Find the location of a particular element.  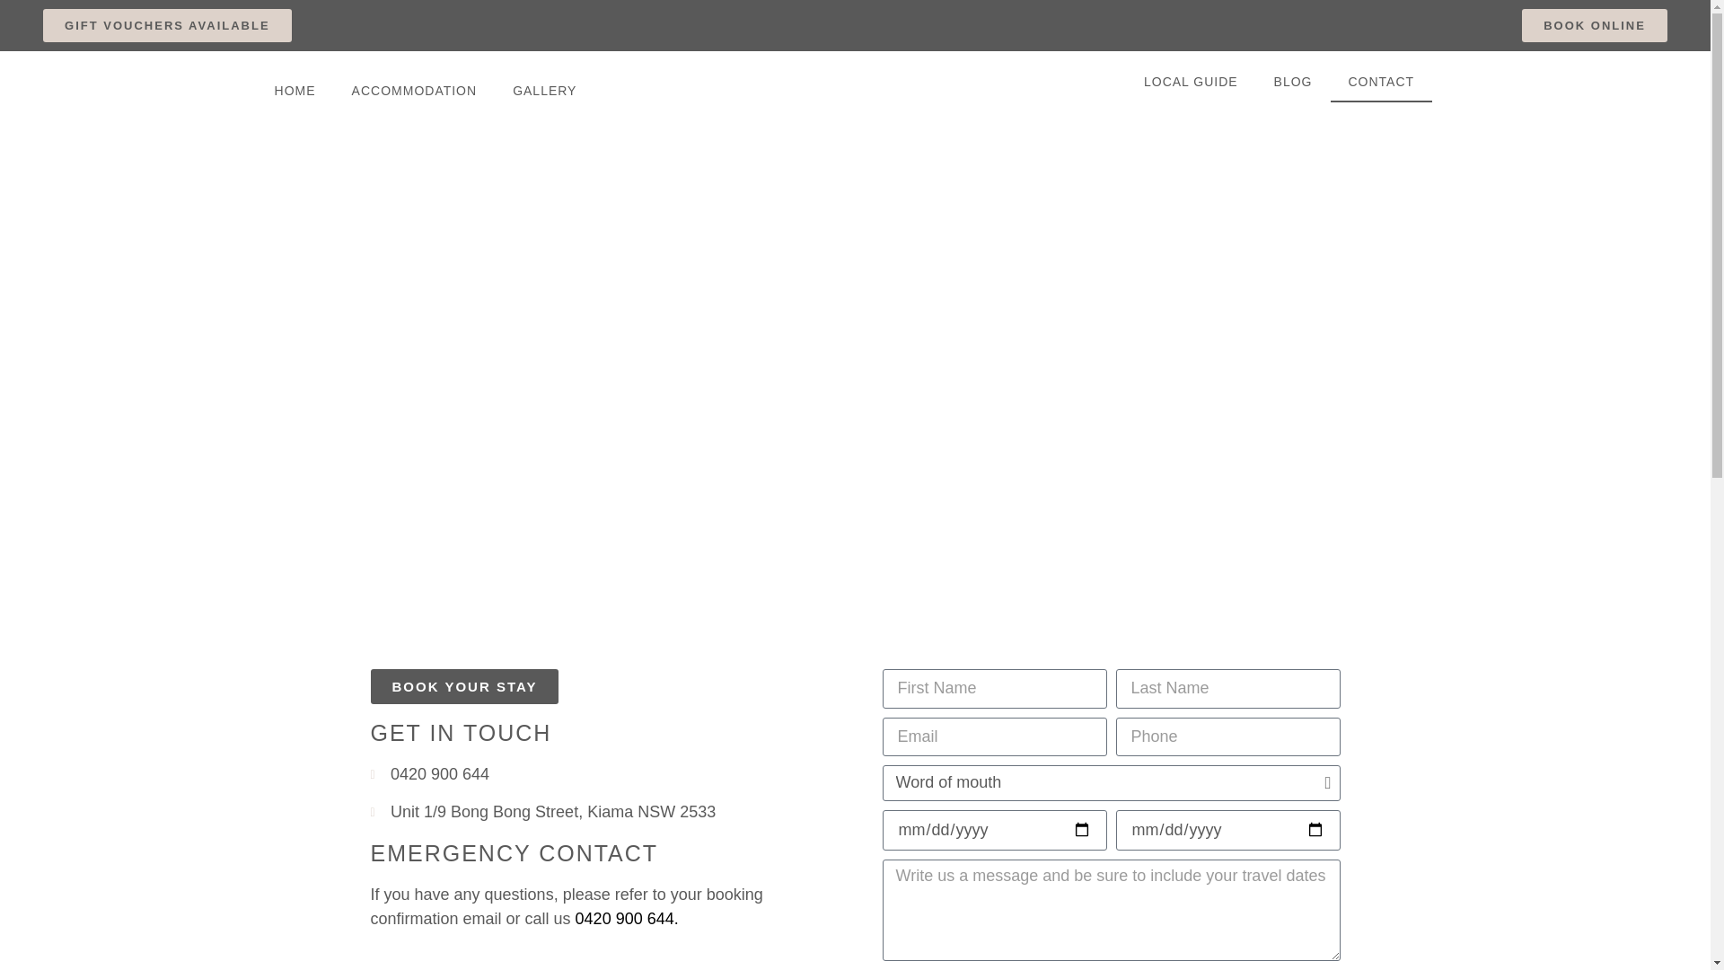

'HOME' is located at coordinates (256, 90).